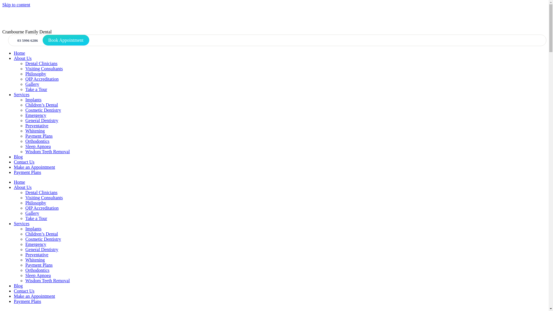 The width and height of the screenshot is (553, 311). What do you see at coordinates (41, 208) in the screenshot?
I see `'QIP Accreditation'` at bounding box center [41, 208].